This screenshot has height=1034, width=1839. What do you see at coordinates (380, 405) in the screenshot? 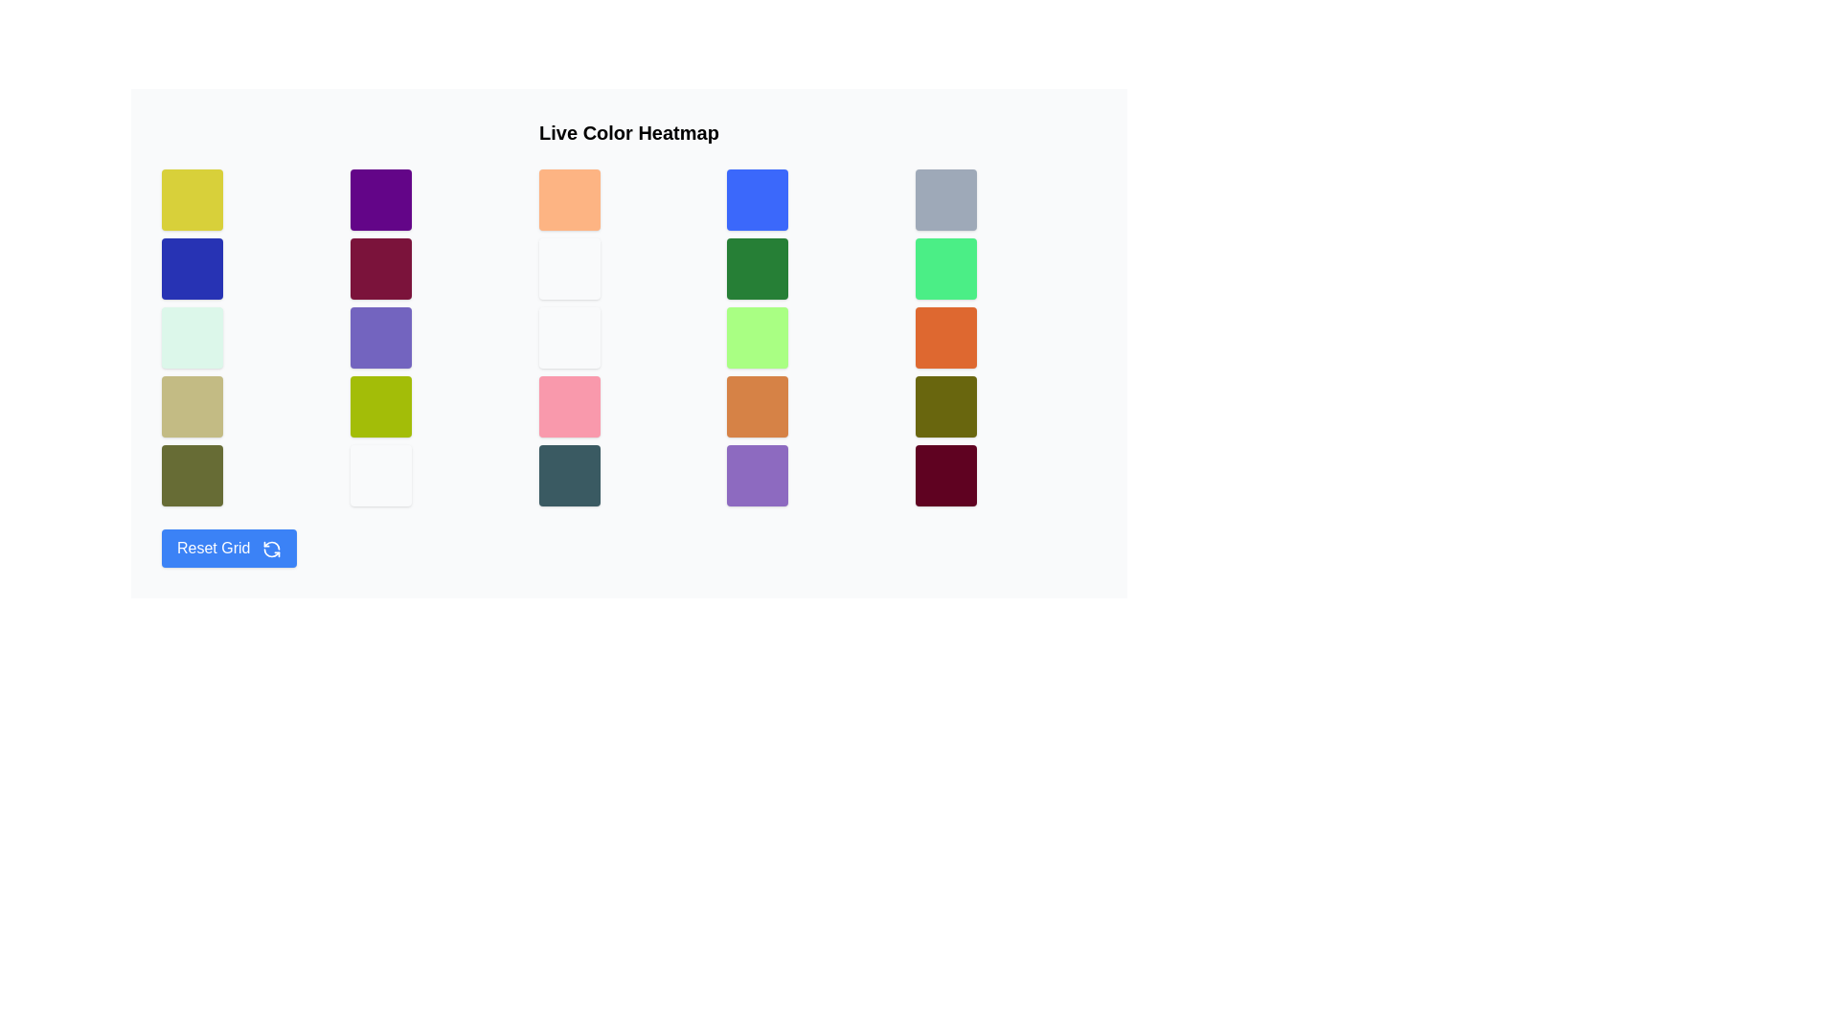
I see `the bright green square-shaped UI element located in the fourth row and second column of the grid` at bounding box center [380, 405].